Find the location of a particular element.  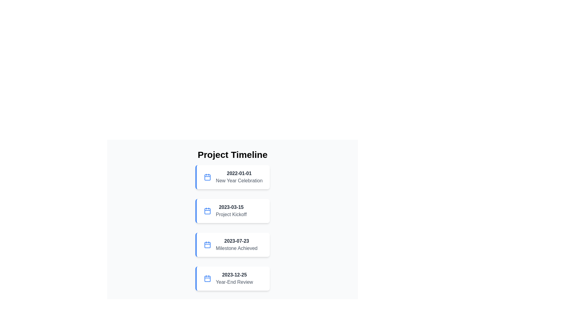

graphical content area of the calendar, which is centrally located within the first calendar icon of the timeline interface, using developer tools is located at coordinates (207, 177).